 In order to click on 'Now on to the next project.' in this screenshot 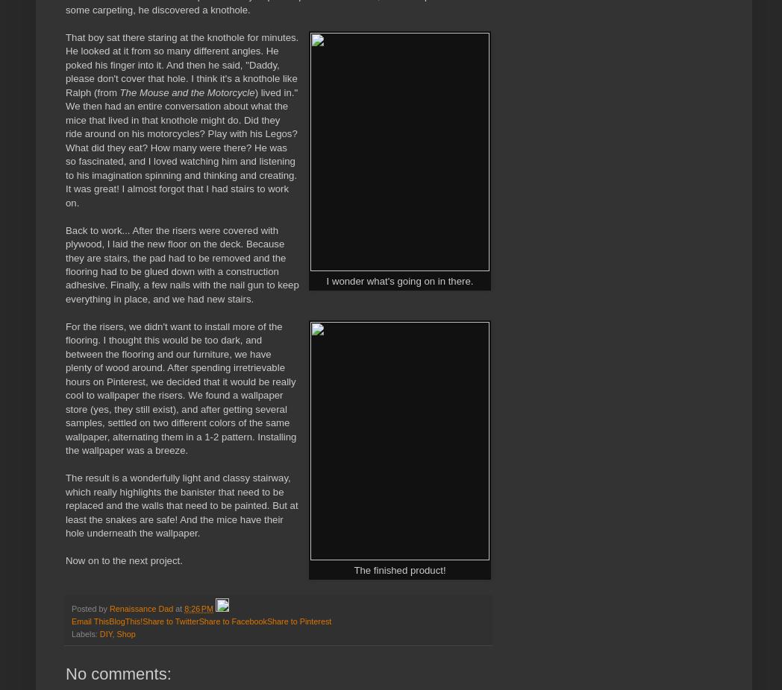, I will do `click(124, 560)`.